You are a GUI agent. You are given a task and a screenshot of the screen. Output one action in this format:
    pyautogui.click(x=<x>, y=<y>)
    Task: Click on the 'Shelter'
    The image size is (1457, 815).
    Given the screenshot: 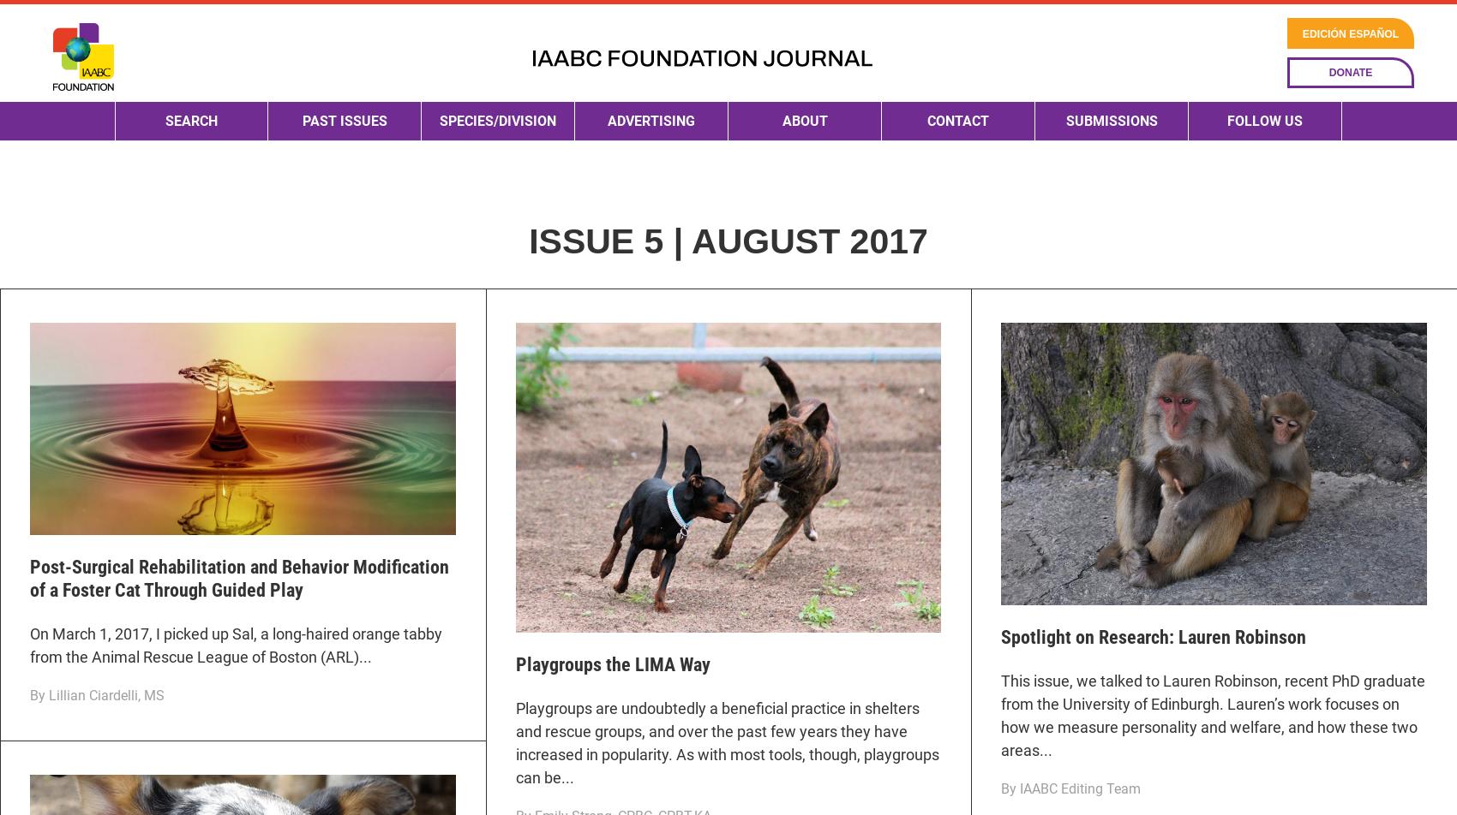 What is the action you would take?
    pyautogui.click(x=455, y=415)
    